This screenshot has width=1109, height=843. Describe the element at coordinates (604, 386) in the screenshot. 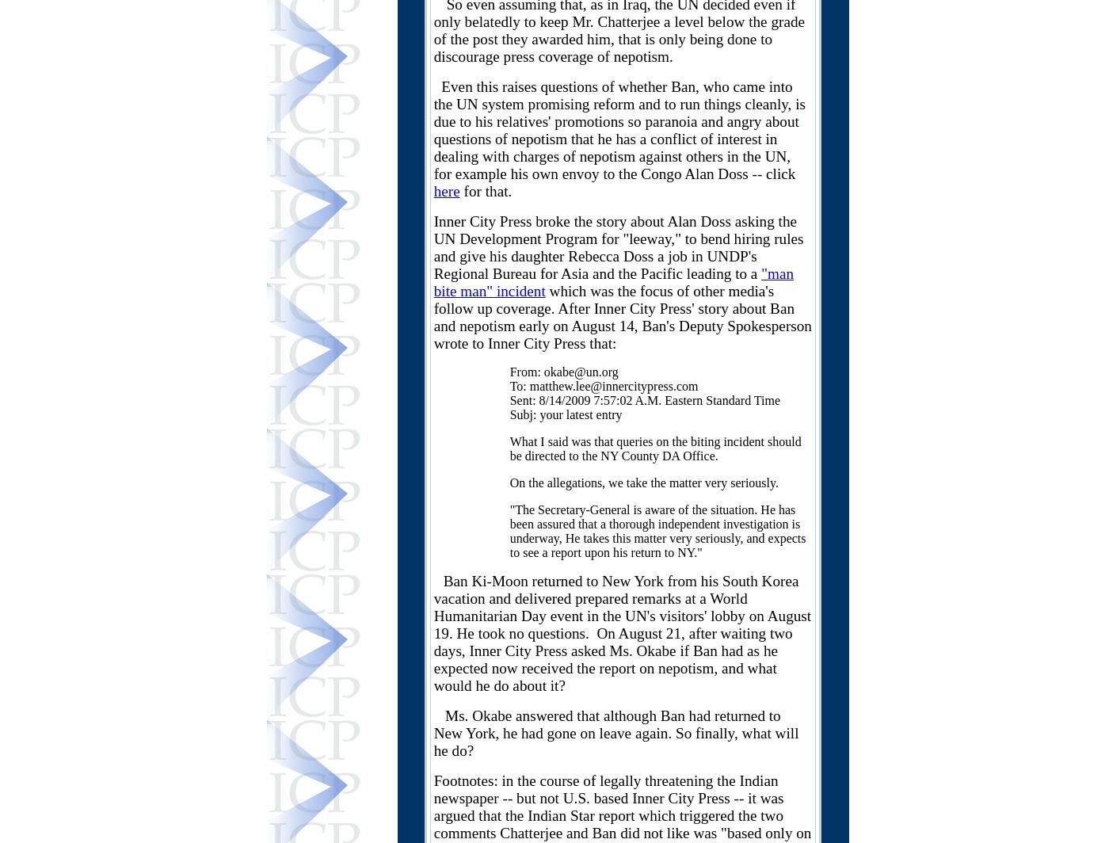

I see `'To:
matthew.lee@innercitypress.com'` at that location.